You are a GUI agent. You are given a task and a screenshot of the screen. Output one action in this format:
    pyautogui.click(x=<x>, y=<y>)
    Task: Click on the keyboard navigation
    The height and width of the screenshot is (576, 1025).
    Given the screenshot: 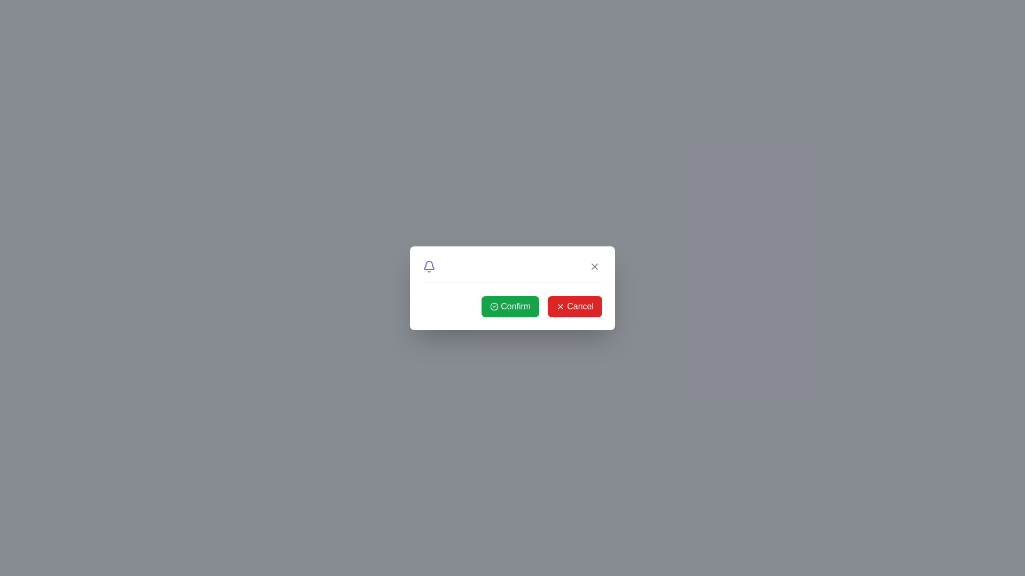 What is the action you would take?
    pyautogui.click(x=594, y=265)
    